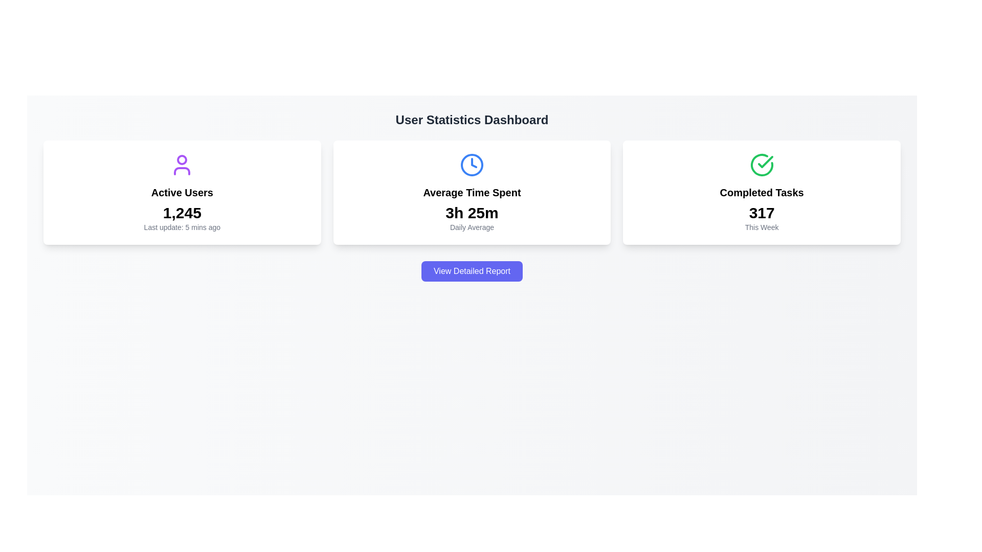 The image size is (982, 552). I want to click on the green checkmark icon enclosed within a circle located at the top-center of the 'Completed Tasks' section, so click(762, 165).